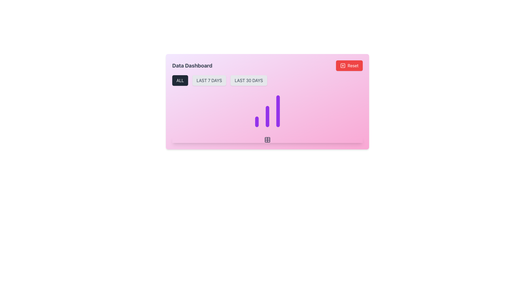 This screenshot has height=286, width=508. I want to click on the filter button located below the 'Data Dashboard' header to filter data for the last 7 days, so click(209, 81).